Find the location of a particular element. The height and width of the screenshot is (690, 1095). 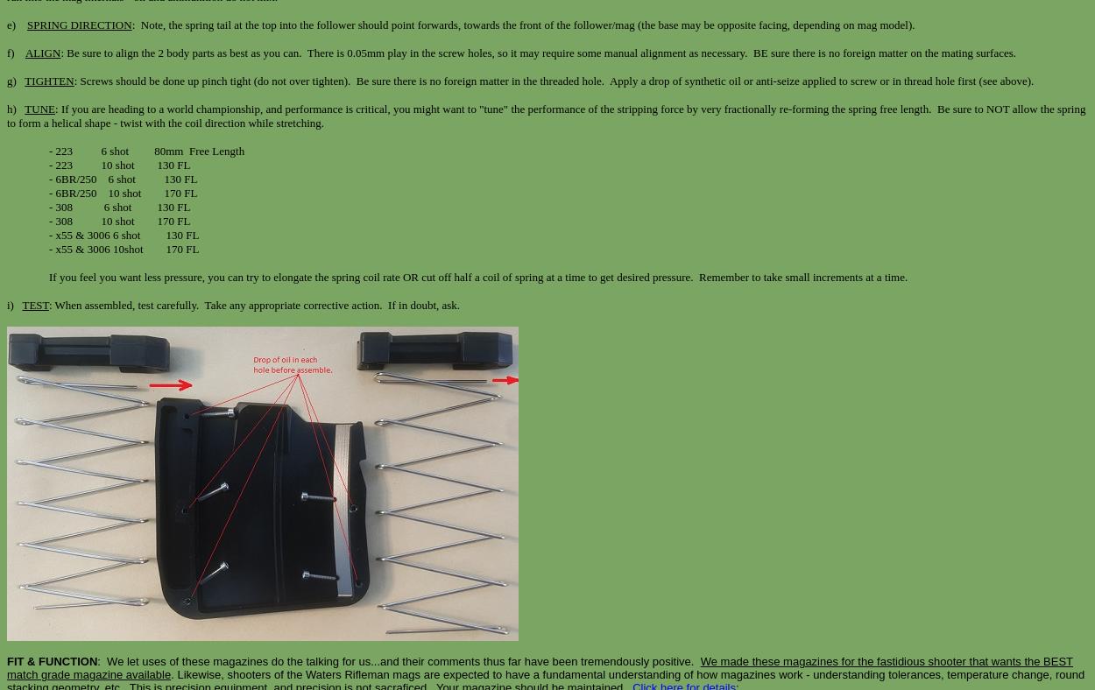

':  We let uses of these 
magazines do the talking for us...and their comments thus far have been 
tremendously positive.' is located at coordinates (398, 661).